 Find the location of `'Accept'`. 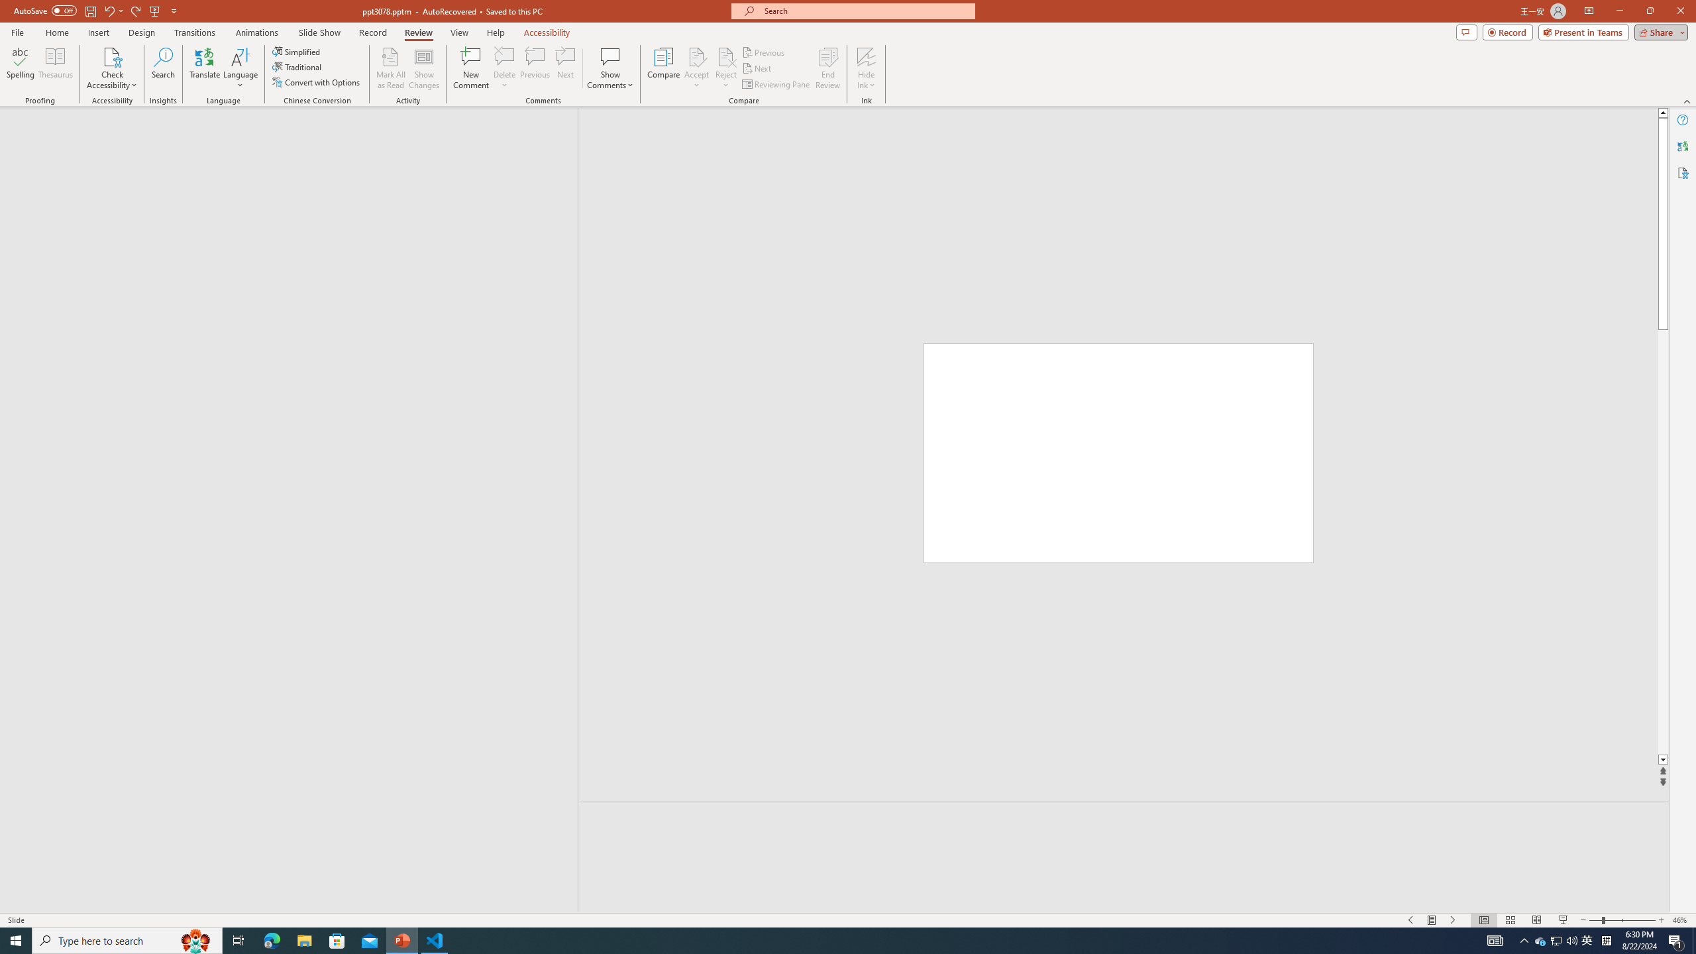

'Accept' is located at coordinates (696, 68).